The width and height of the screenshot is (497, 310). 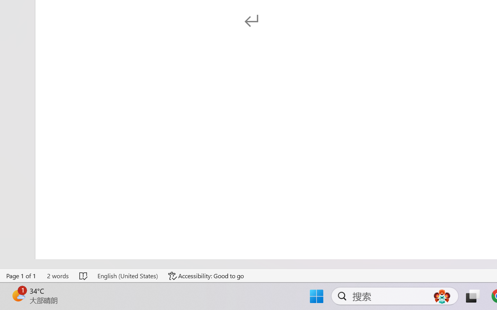 I want to click on 'Spelling and Grammar Check No Errors', so click(x=84, y=276).